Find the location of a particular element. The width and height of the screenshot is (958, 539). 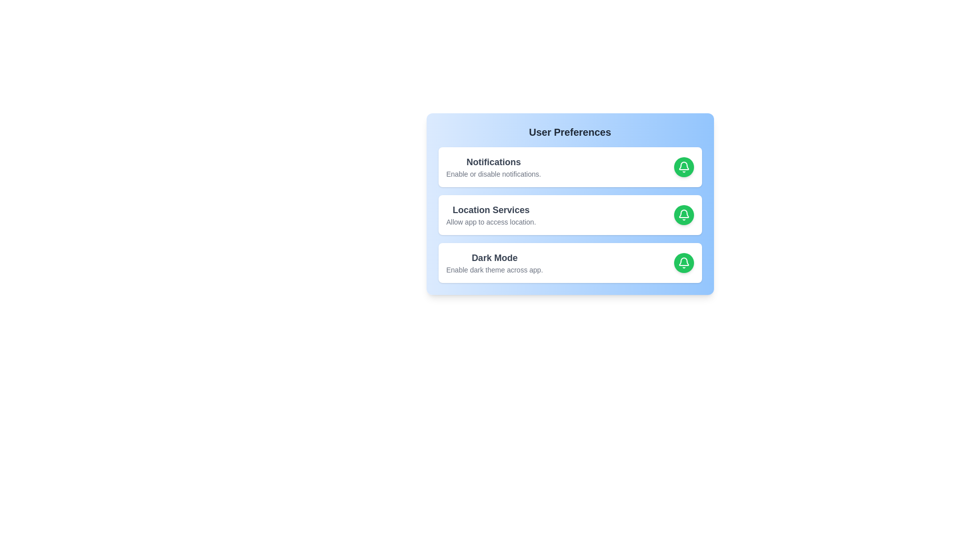

the text of the preference item 'Dark Mode' is located at coordinates (494, 257).